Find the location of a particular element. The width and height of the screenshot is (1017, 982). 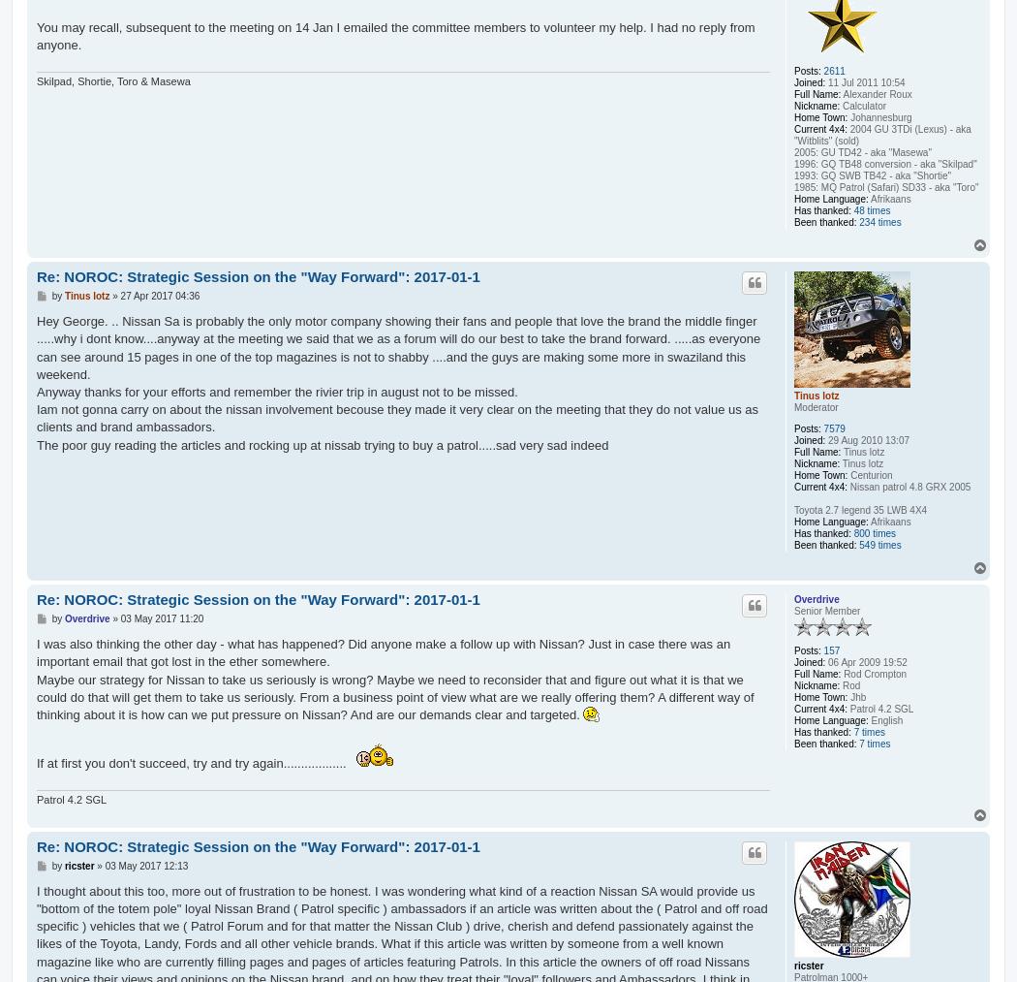

'Maybe our strategy for Nissan to take us seriously is wrong? Maybe we need to reconsider that and figure out what it is that we could do that will get them to take us seriously. From a business point of view what are we really offering them? A different way of thinking about it is how can we put pressure on Nissan? And are our demands clear and targeted.' is located at coordinates (395, 697).